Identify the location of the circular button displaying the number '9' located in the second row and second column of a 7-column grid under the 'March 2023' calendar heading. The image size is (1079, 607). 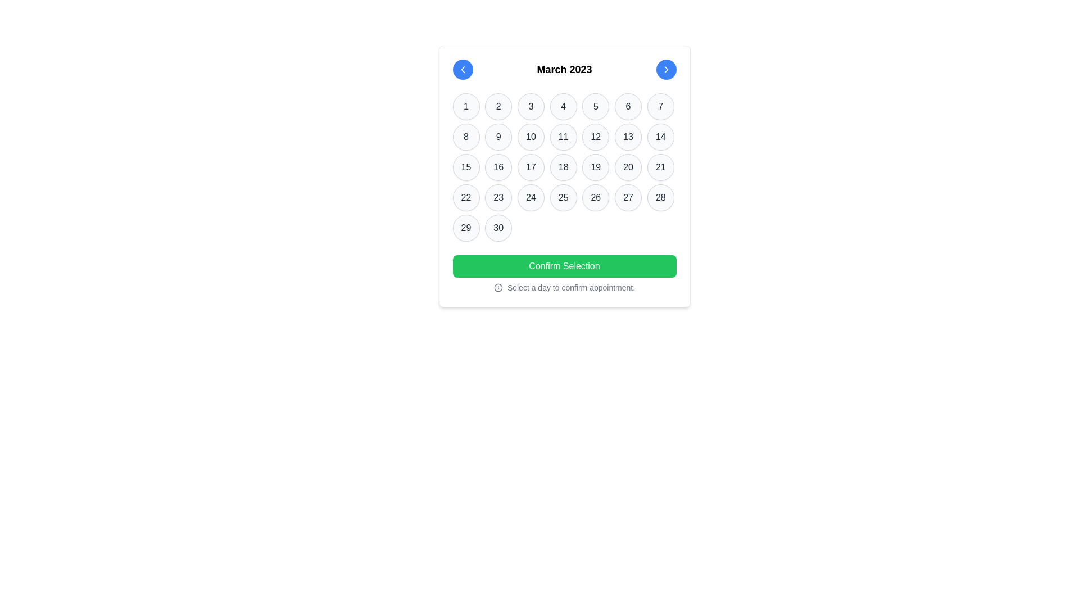
(498, 136).